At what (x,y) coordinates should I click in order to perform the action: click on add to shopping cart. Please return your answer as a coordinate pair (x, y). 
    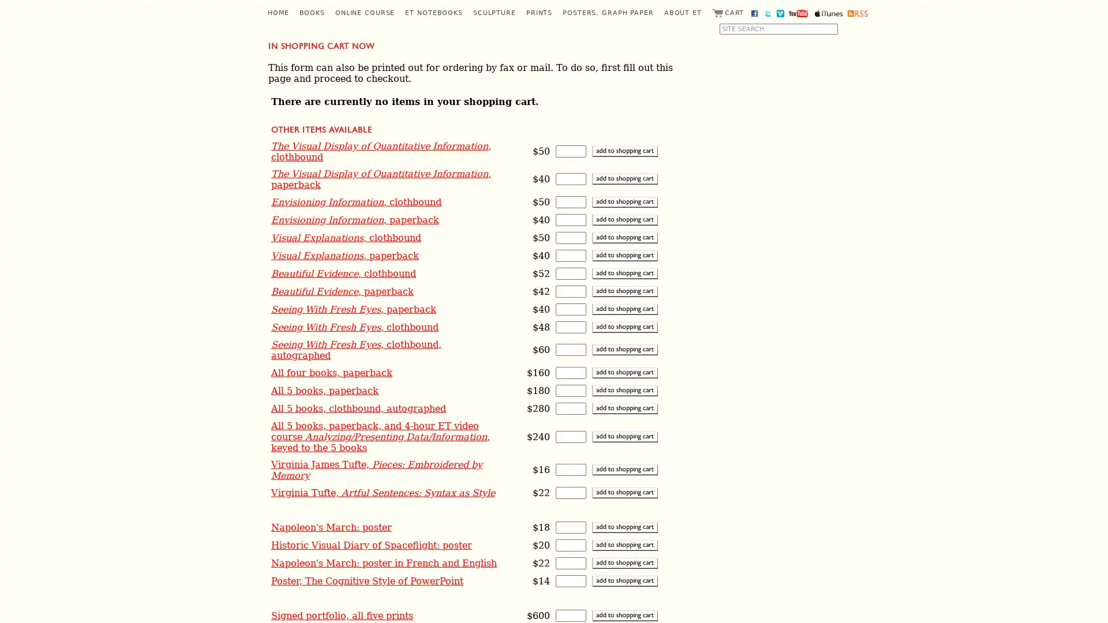
    Looking at the image, I should click on (624, 545).